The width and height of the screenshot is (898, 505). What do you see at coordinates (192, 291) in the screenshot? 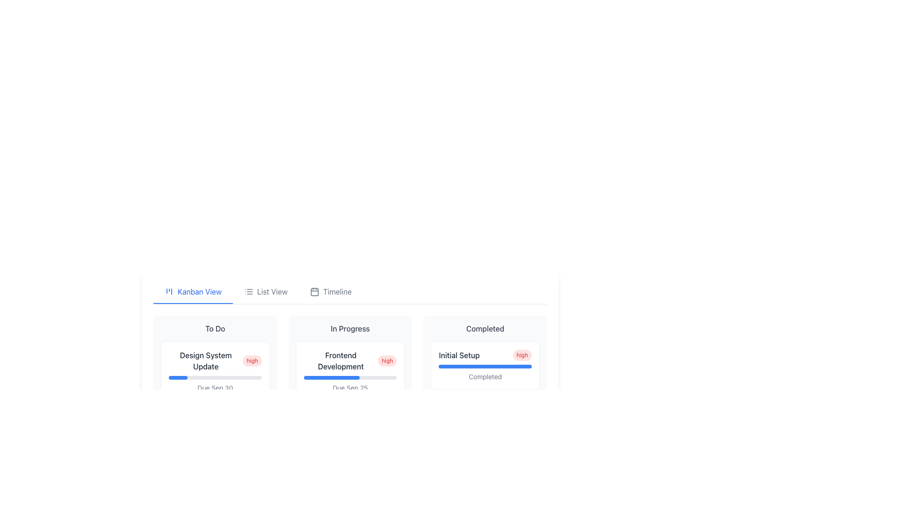
I see `the 'Kanban View' navigation tab, which is the first option in the tab bar and has a blue underline indicating it is active` at bounding box center [192, 291].